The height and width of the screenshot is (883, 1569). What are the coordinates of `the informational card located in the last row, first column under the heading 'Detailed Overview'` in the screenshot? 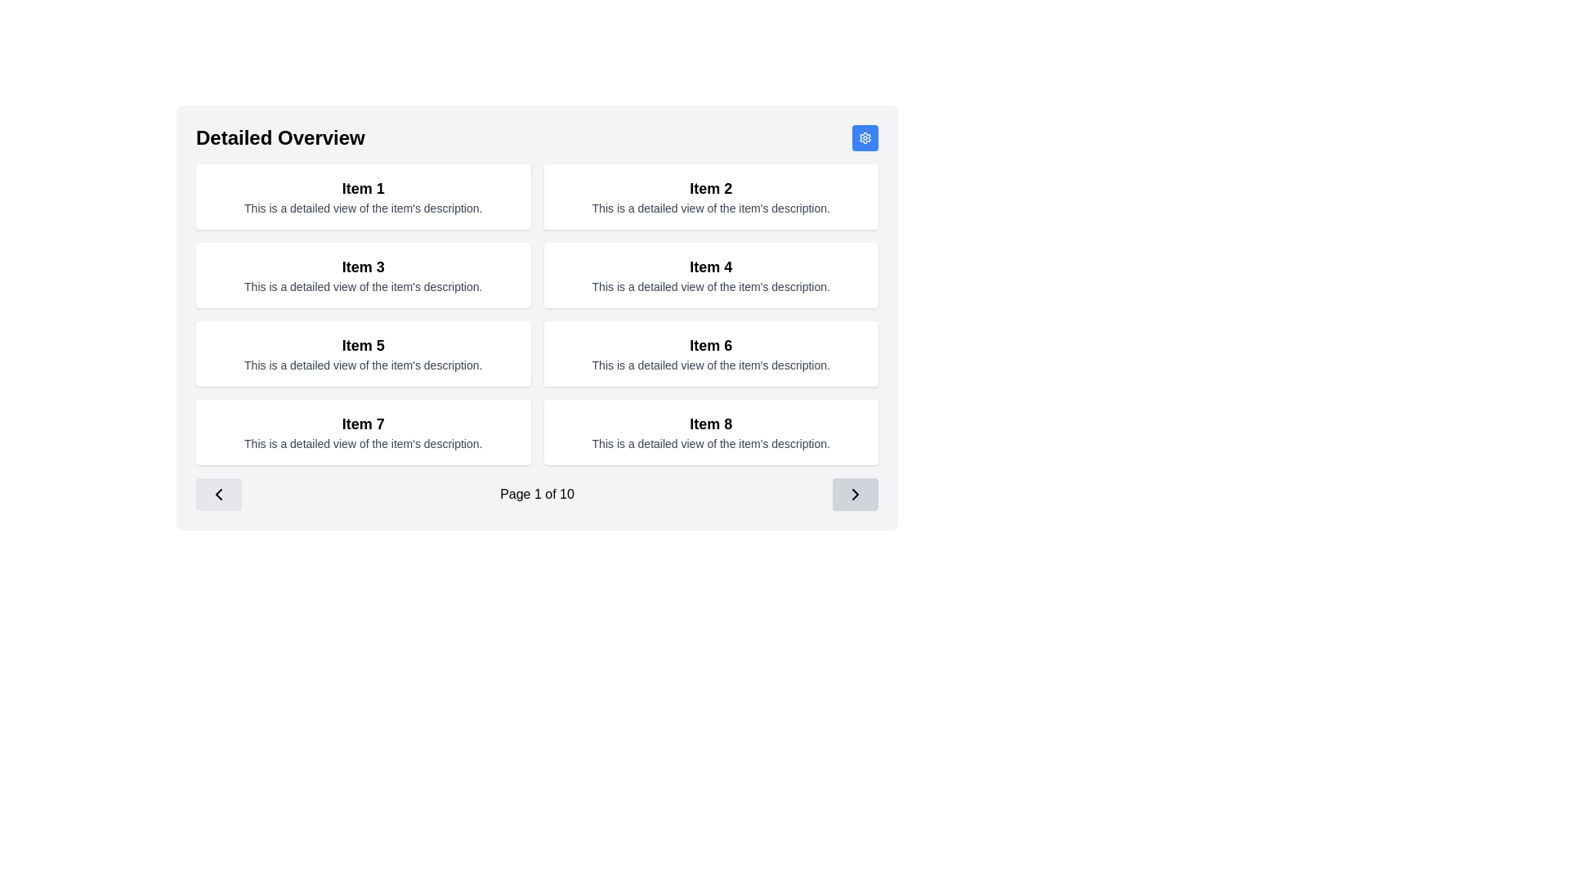 It's located at (362, 431).